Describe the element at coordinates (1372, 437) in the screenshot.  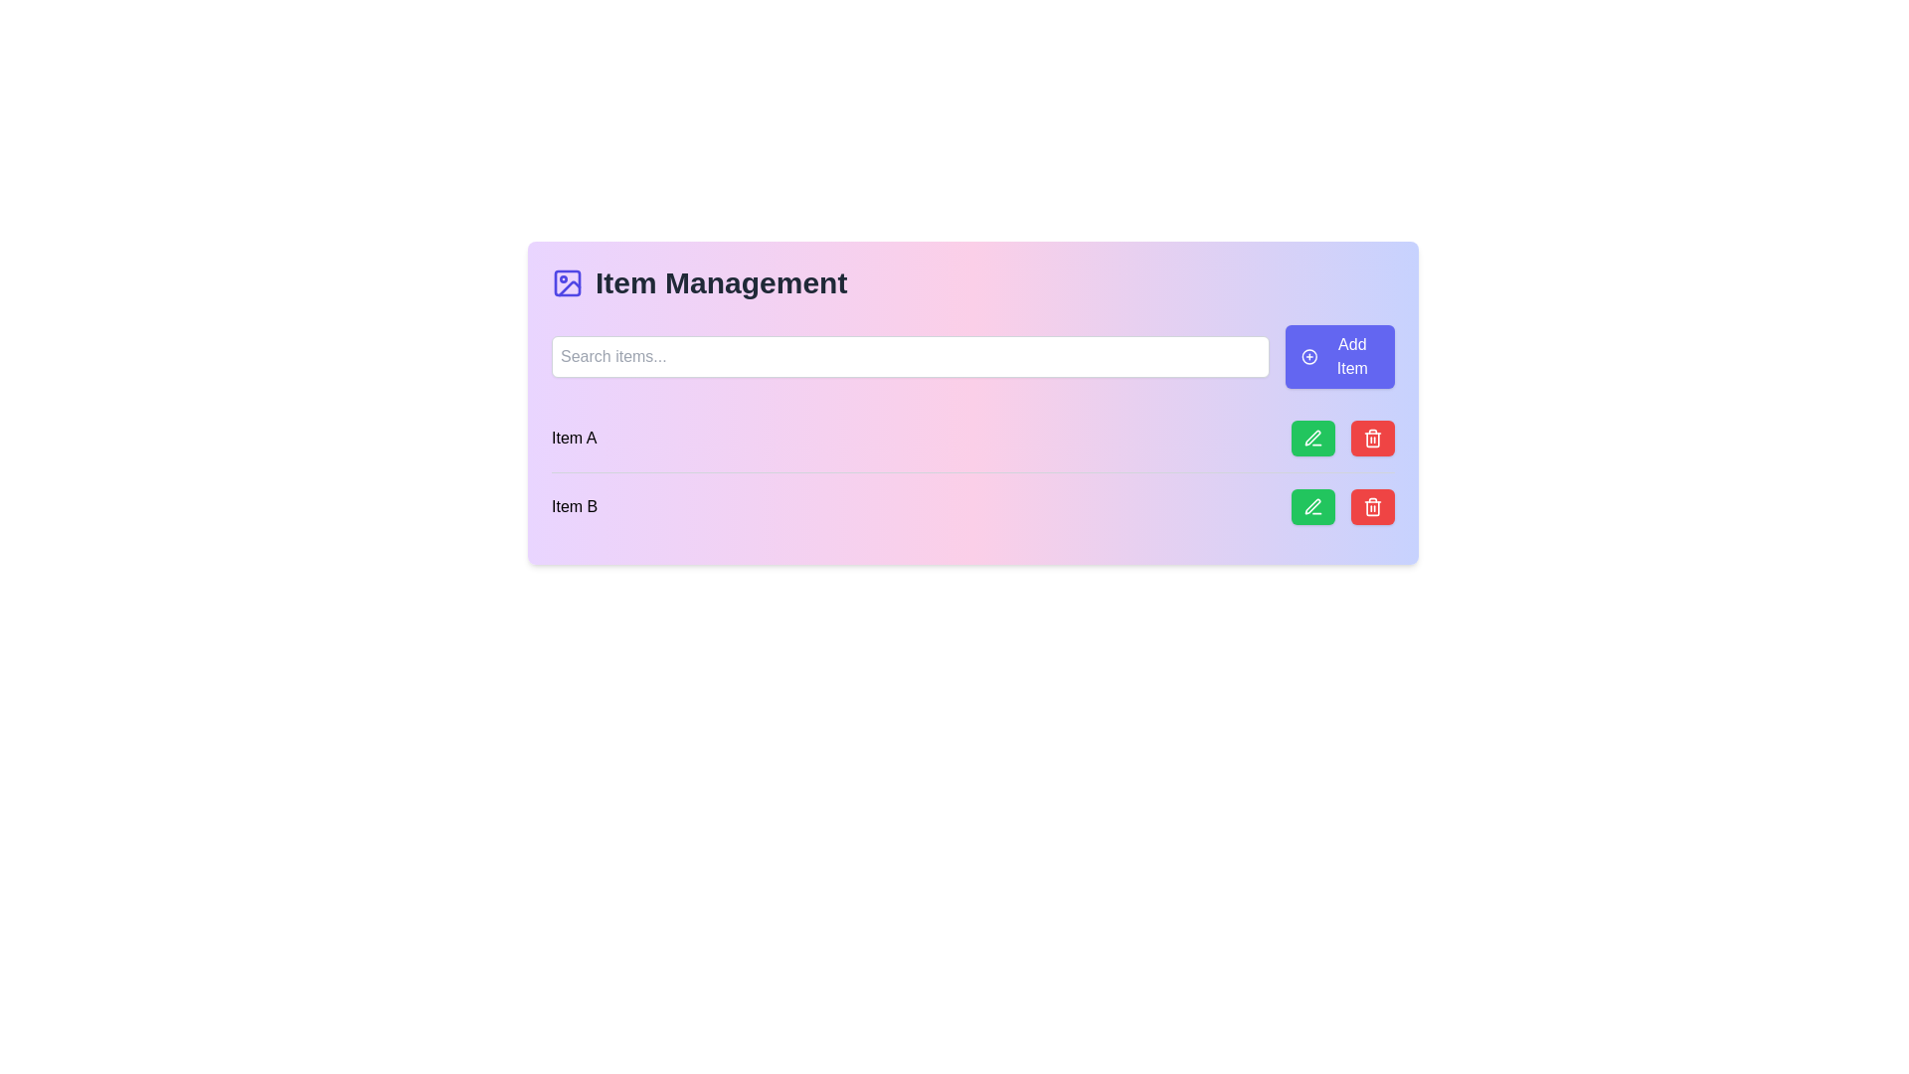
I see `the delete button located to the right of the second item in the list, which is the second button in a row of two buttons` at that location.